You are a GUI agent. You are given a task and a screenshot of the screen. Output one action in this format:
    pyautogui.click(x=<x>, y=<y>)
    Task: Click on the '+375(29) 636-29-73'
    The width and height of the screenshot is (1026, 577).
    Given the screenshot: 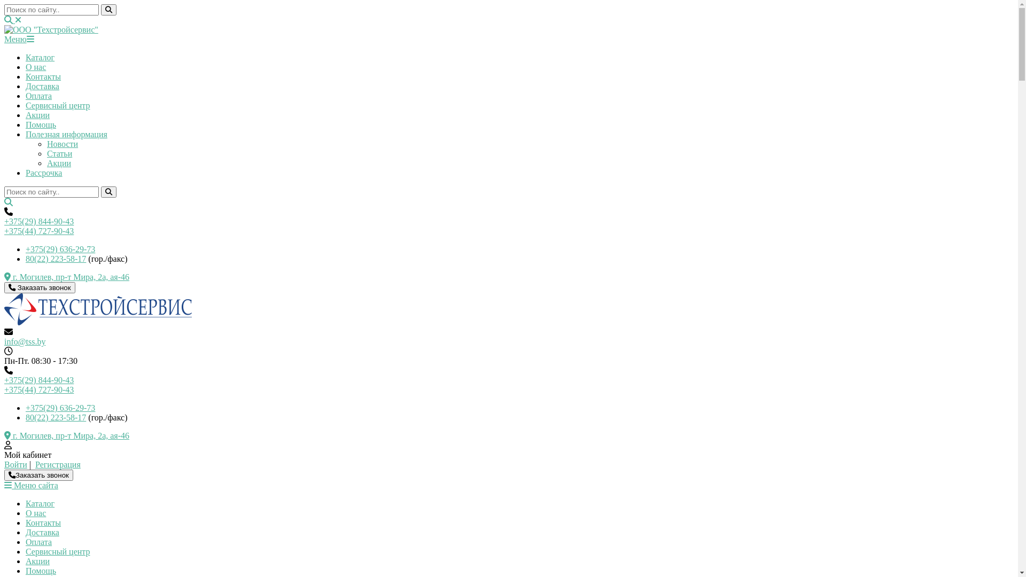 What is the action you would take?
    pyautogui.click(x=26, y=249)
    